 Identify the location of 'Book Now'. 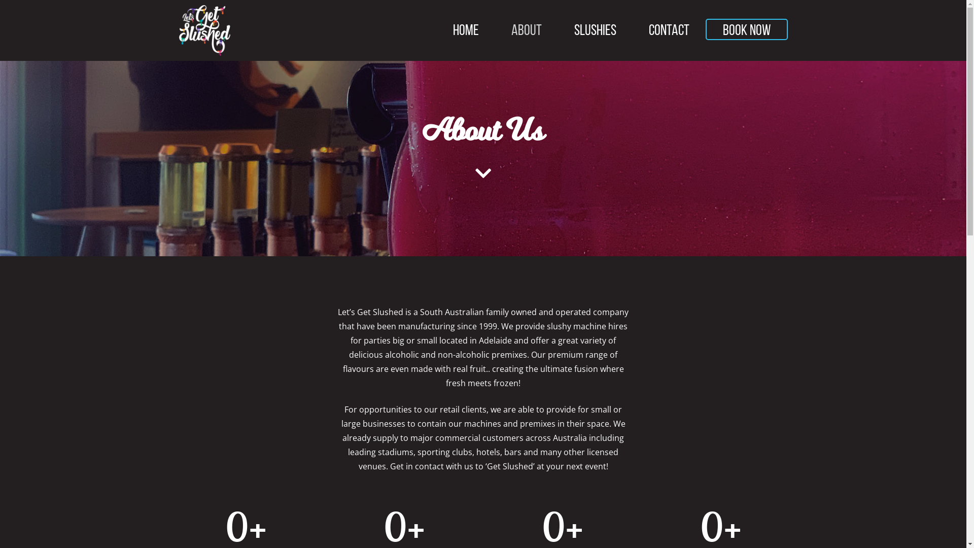
(746, 28).